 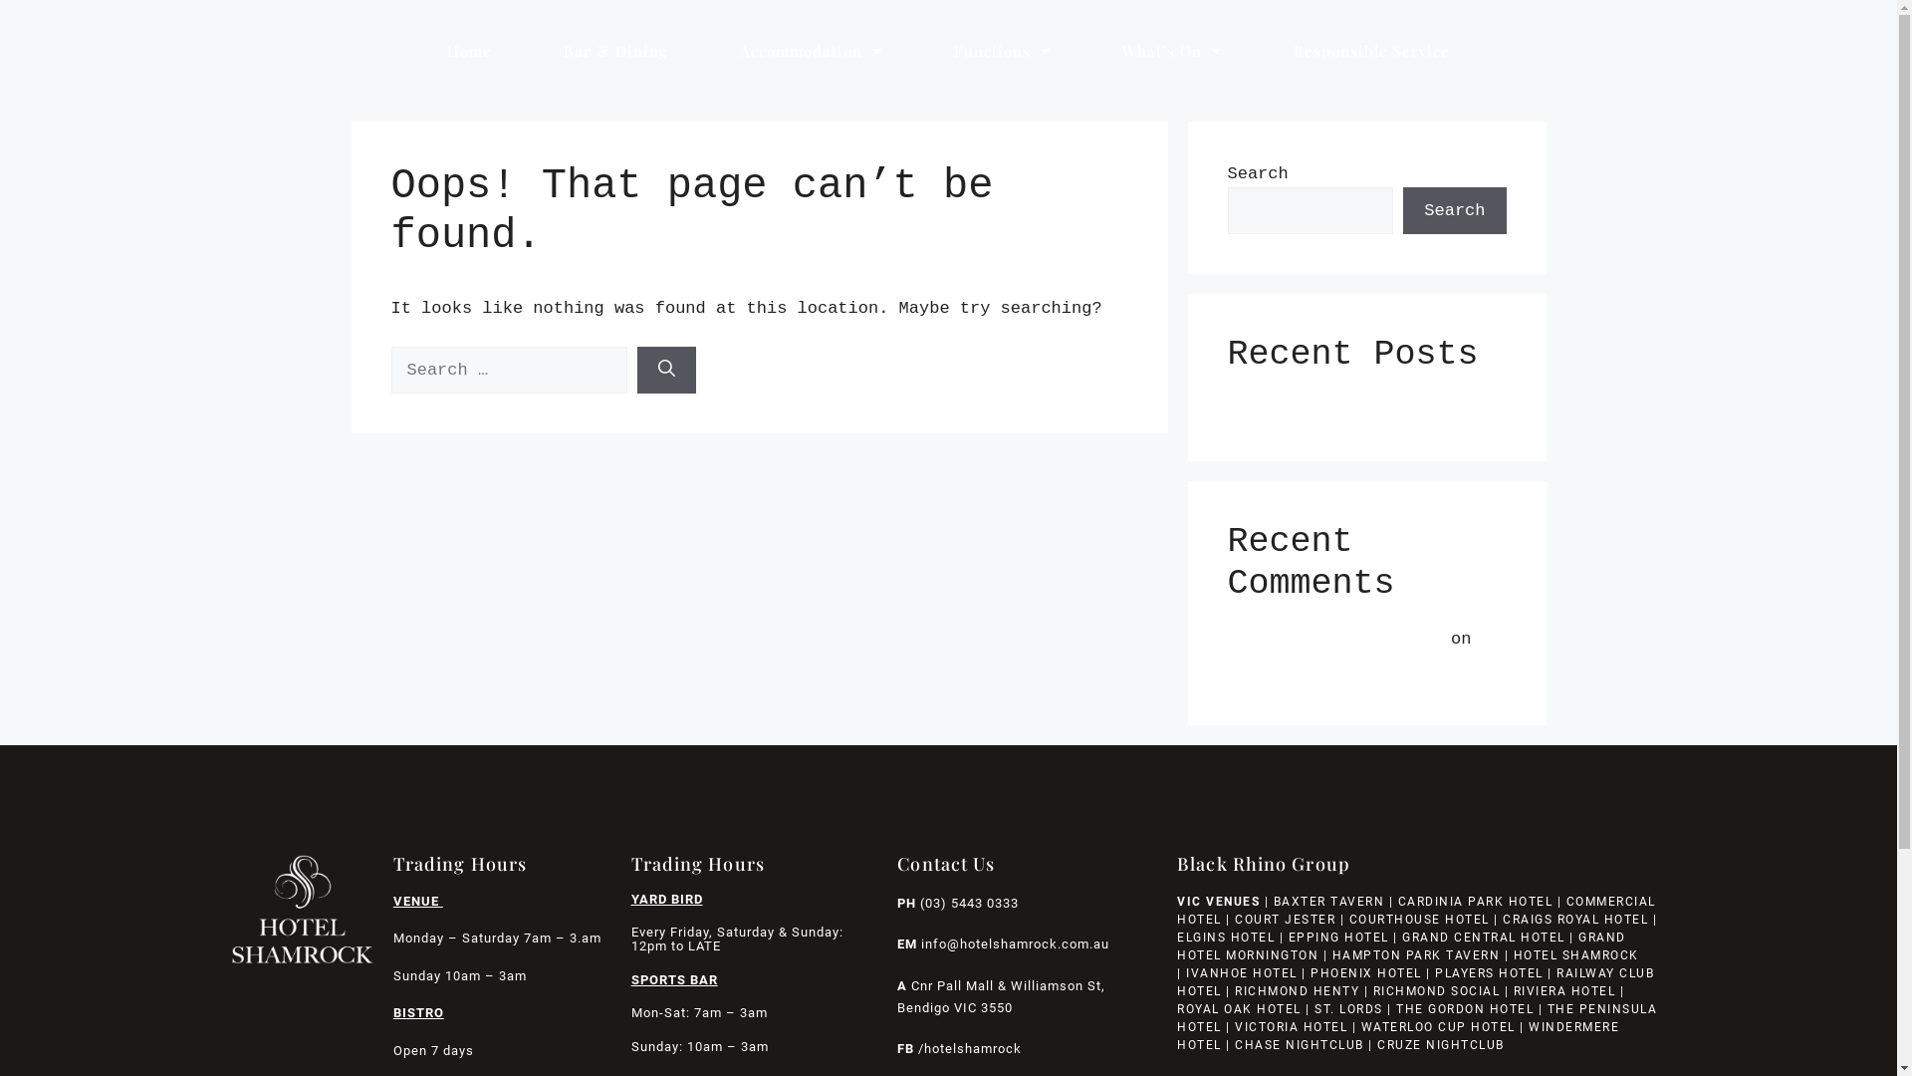 What do you see at coordinates (1443, 1044) in the screenshot?
I see `'CRUZE NIGHTCLUB '` at bounding box center [1443, 1044].